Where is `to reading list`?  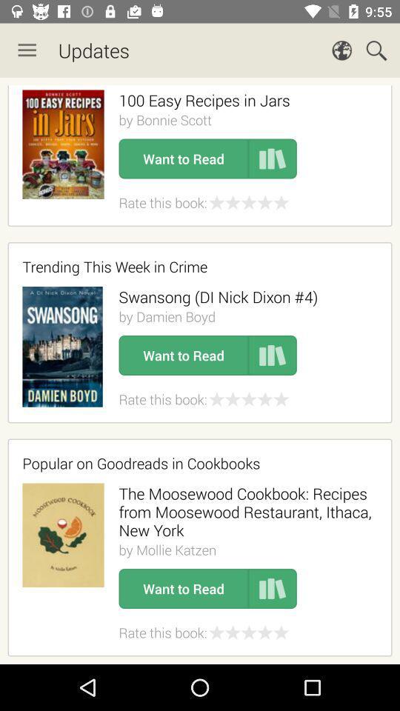 to reading list is located at coordinates (272, 158).